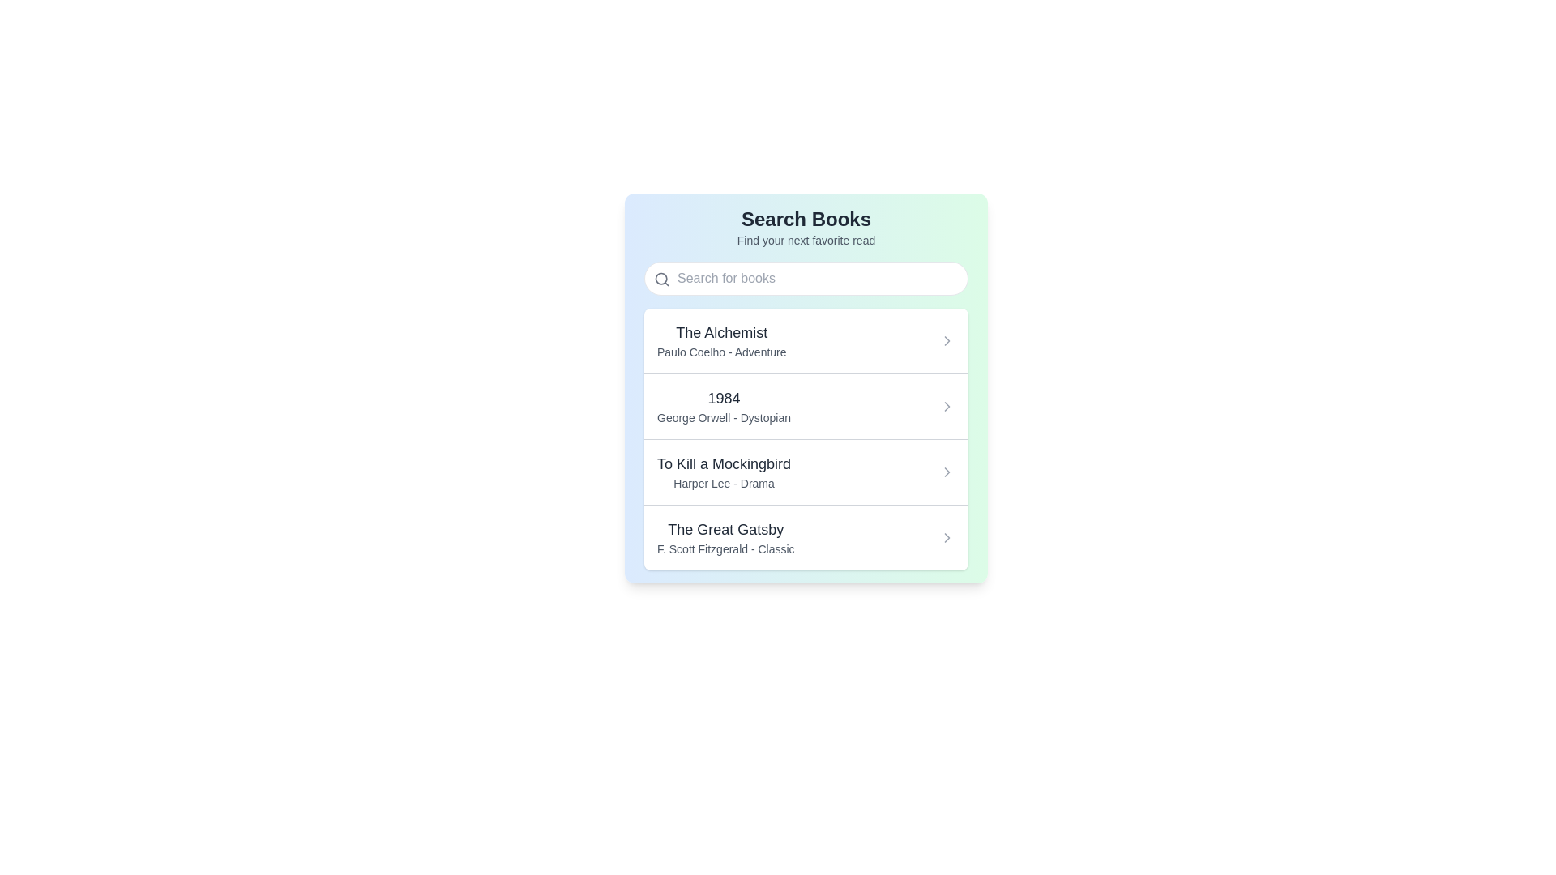 The width and height of the screenshot is (1556, 875). Describe the element at coordinates (947, 472) in the screenshot. I see `the right-facing gray chevron icon located at the far right of the row labeled 'To Kill a Mockingbird Harper Lee - Drama'` at that location.